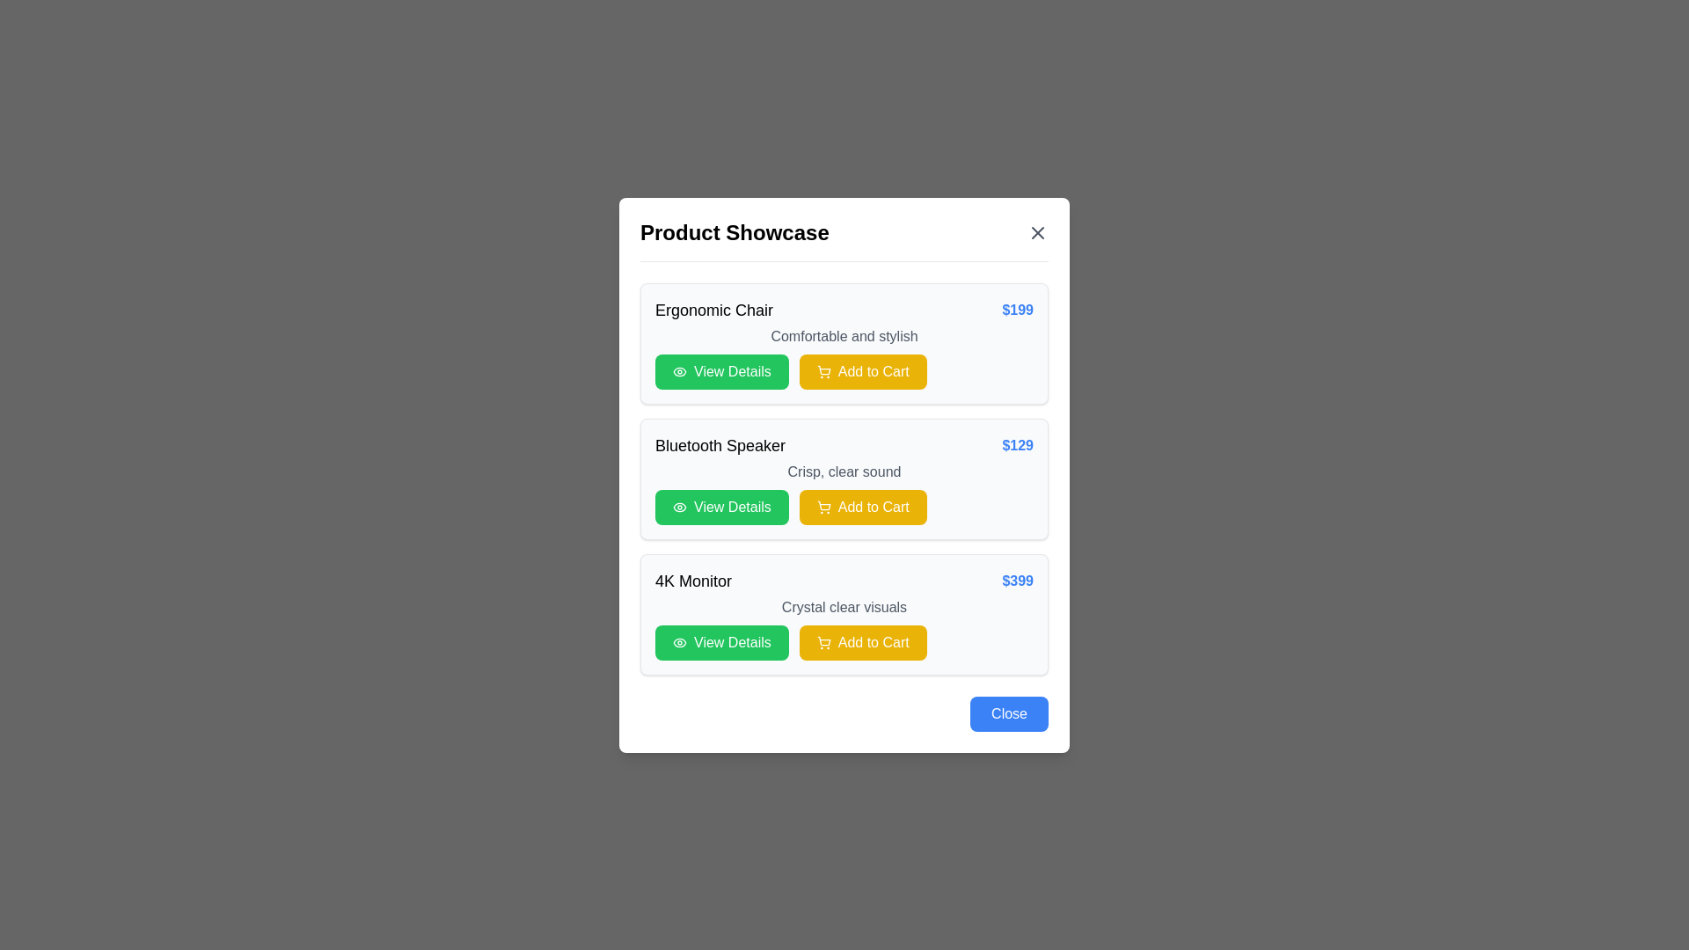 This screenshot has width=1689, height=950. I want to click on the outer part of the eye icon in the 'View Details' button for the '4K Monitor' product entry located in the popup window, so click(678, 642).